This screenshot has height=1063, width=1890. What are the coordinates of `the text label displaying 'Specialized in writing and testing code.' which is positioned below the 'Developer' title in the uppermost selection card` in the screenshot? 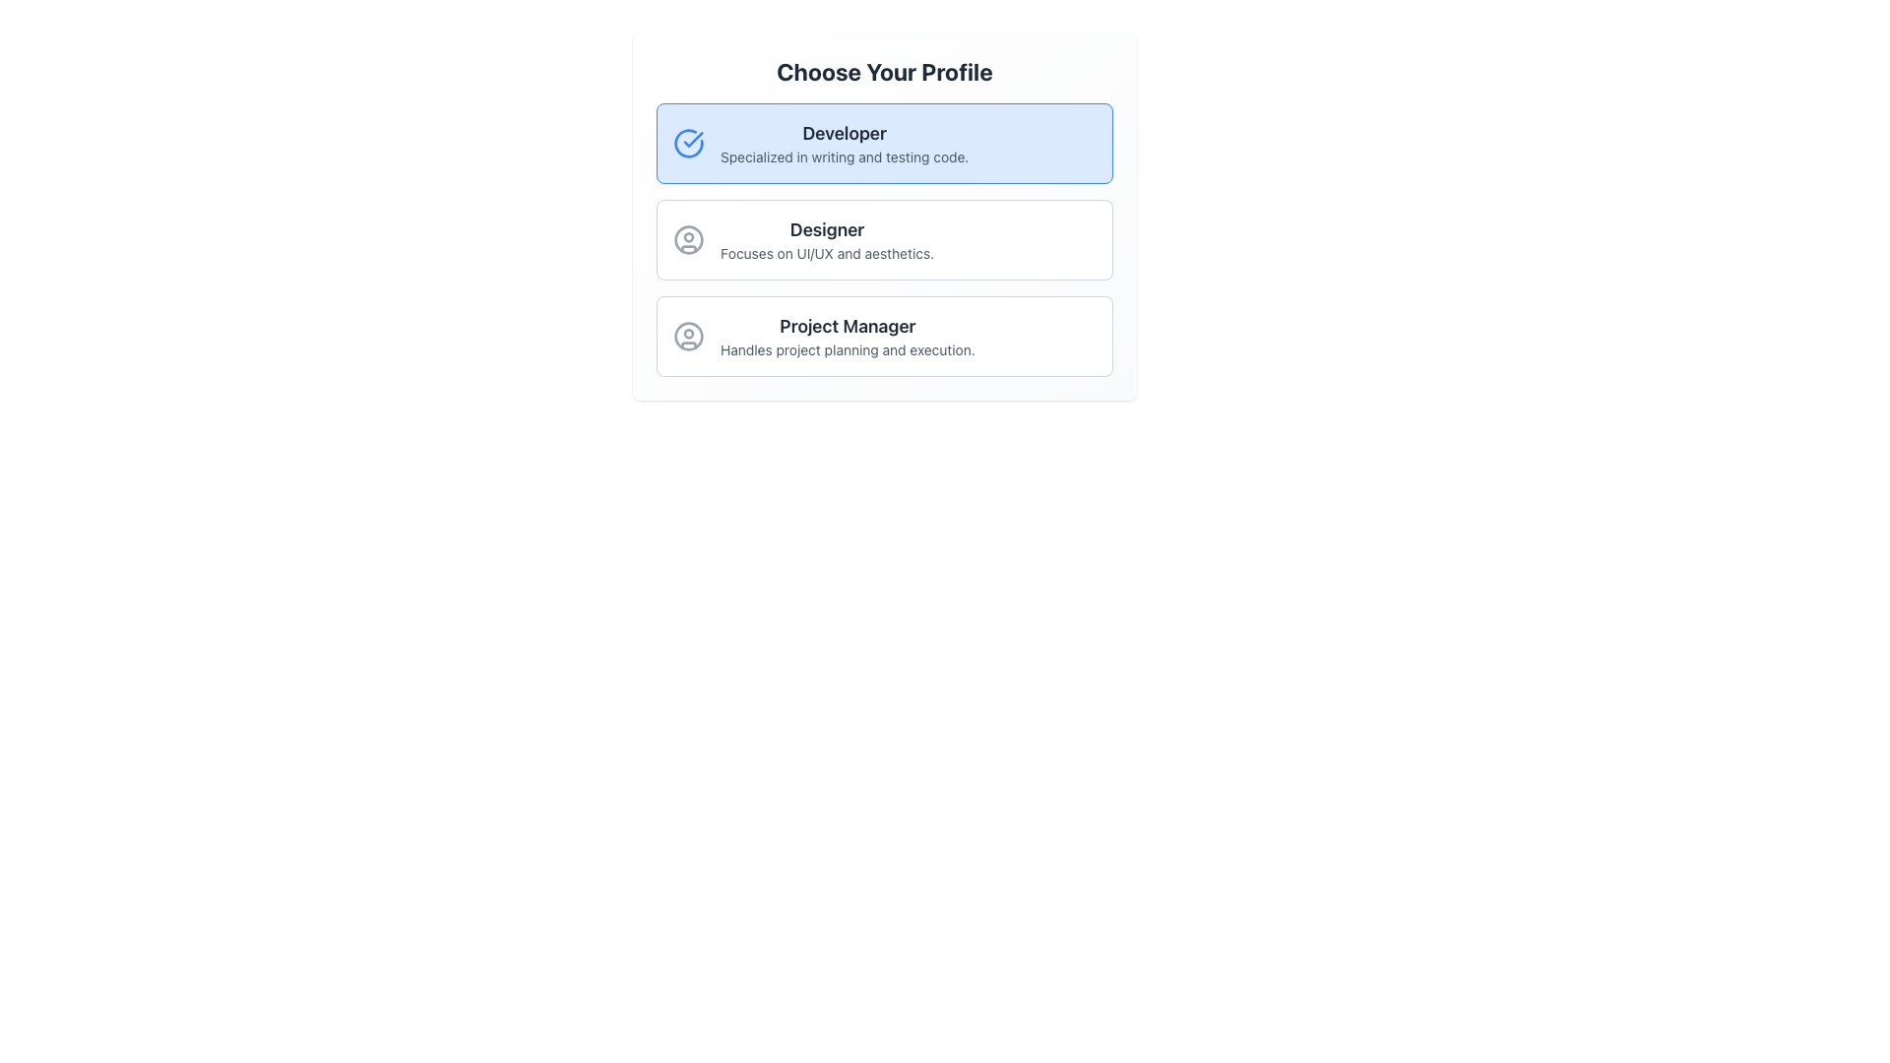 It's located at (845, 156).